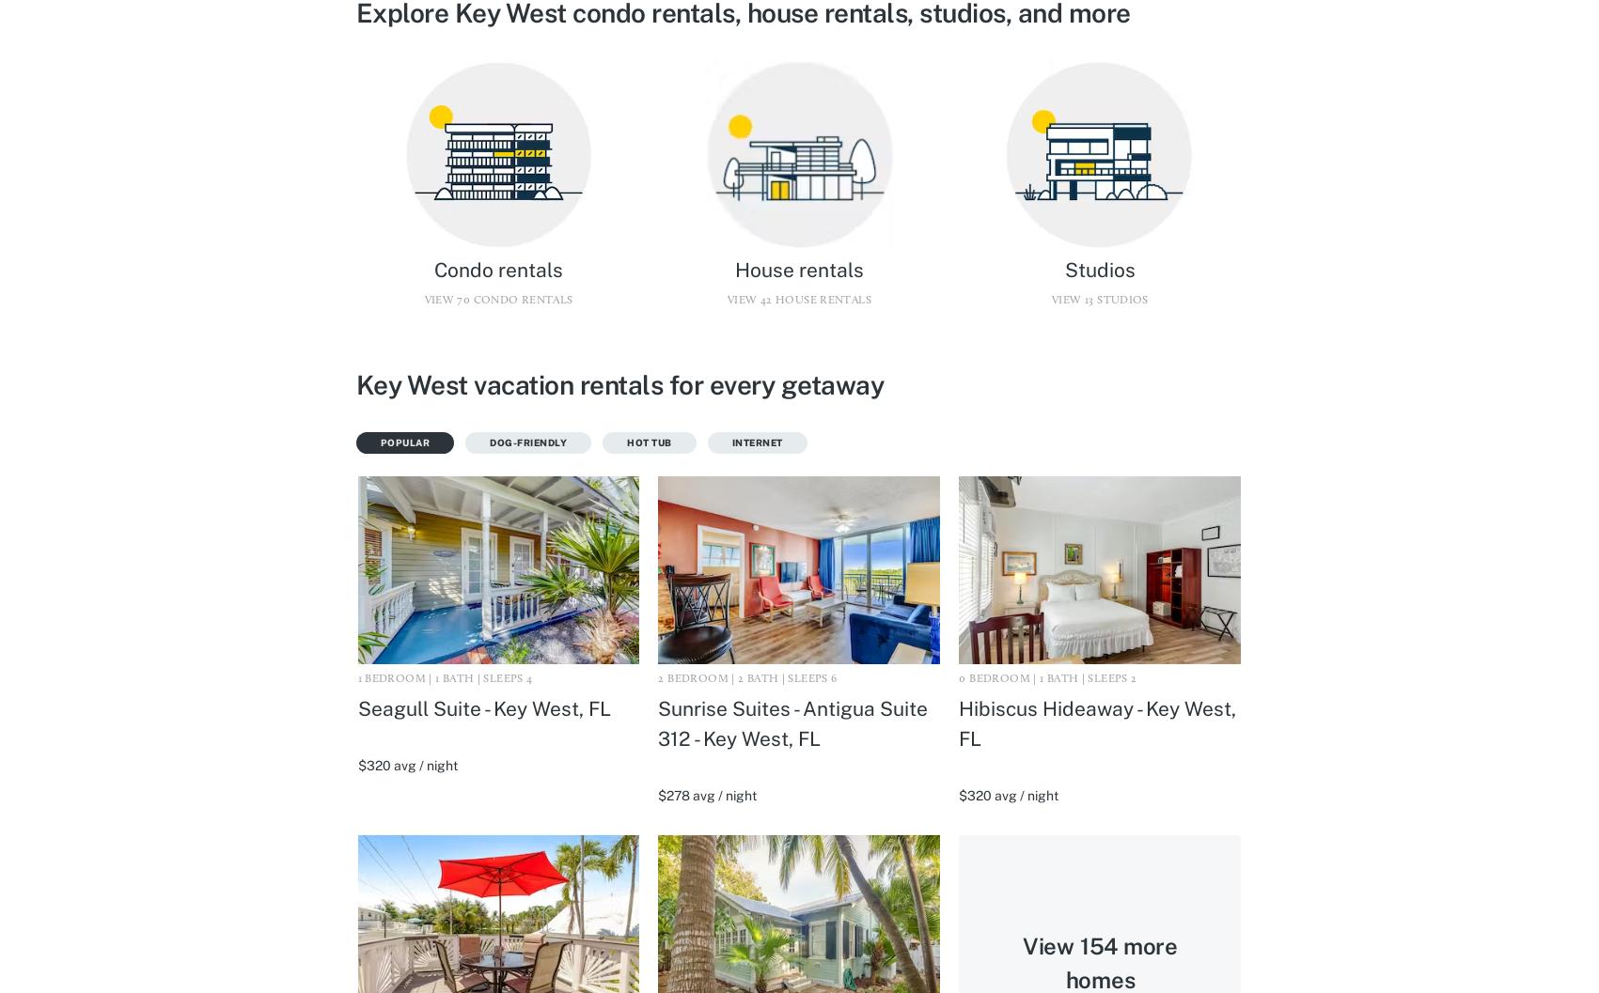 Image resolution: width=1599 pixels, height=993 pixels. I want to click on 'Studios', so click(1098, 268).